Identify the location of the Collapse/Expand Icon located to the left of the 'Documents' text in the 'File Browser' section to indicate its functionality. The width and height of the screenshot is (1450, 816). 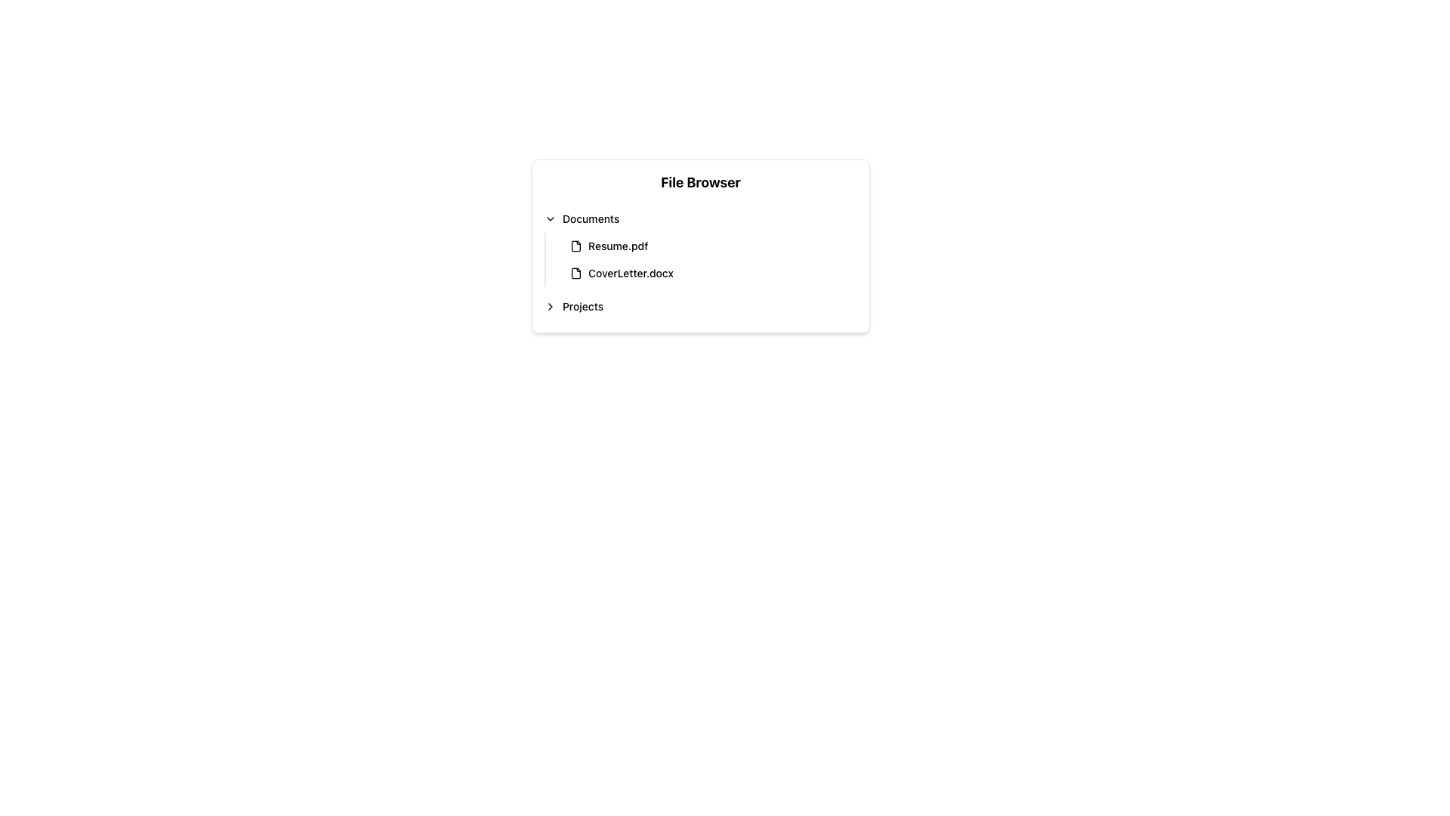
(550, 218).